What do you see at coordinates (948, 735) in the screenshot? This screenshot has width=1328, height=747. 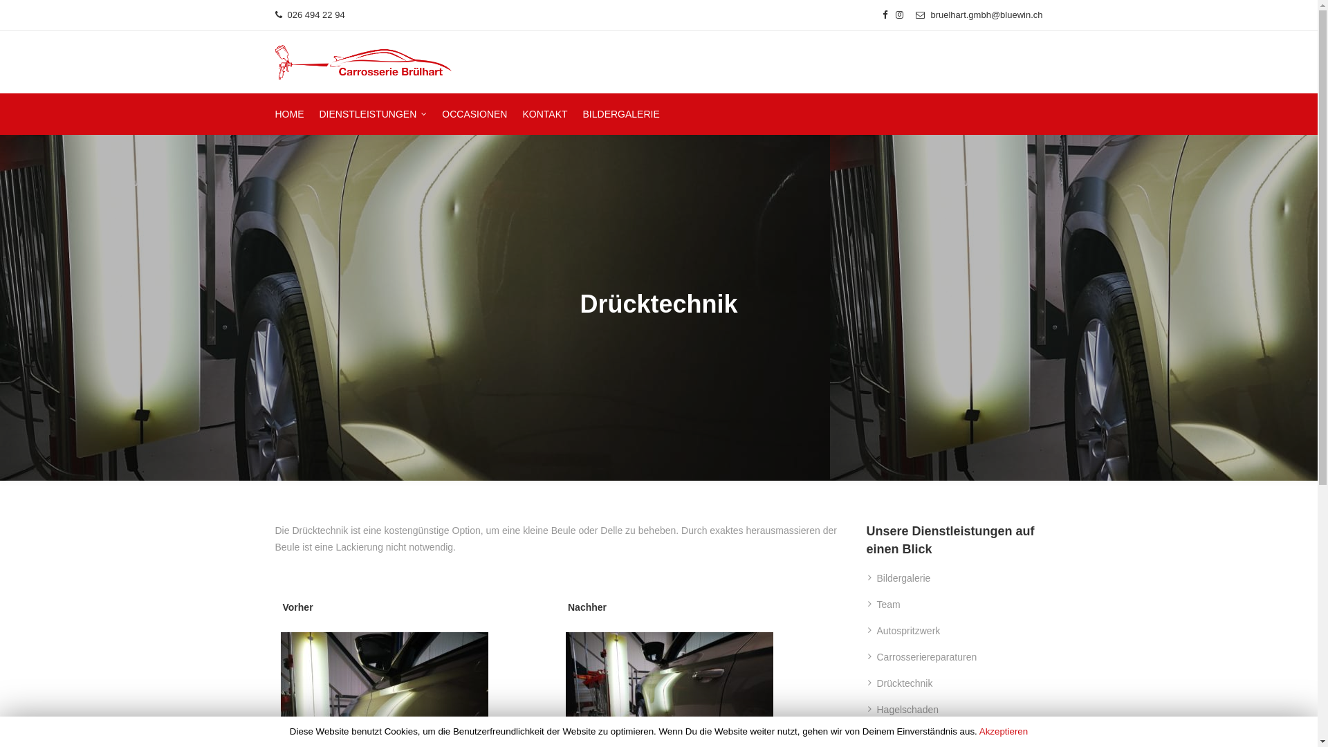 I see `'Scheibenersatz Und Reparaturen'` at bounding box center [948, 735].